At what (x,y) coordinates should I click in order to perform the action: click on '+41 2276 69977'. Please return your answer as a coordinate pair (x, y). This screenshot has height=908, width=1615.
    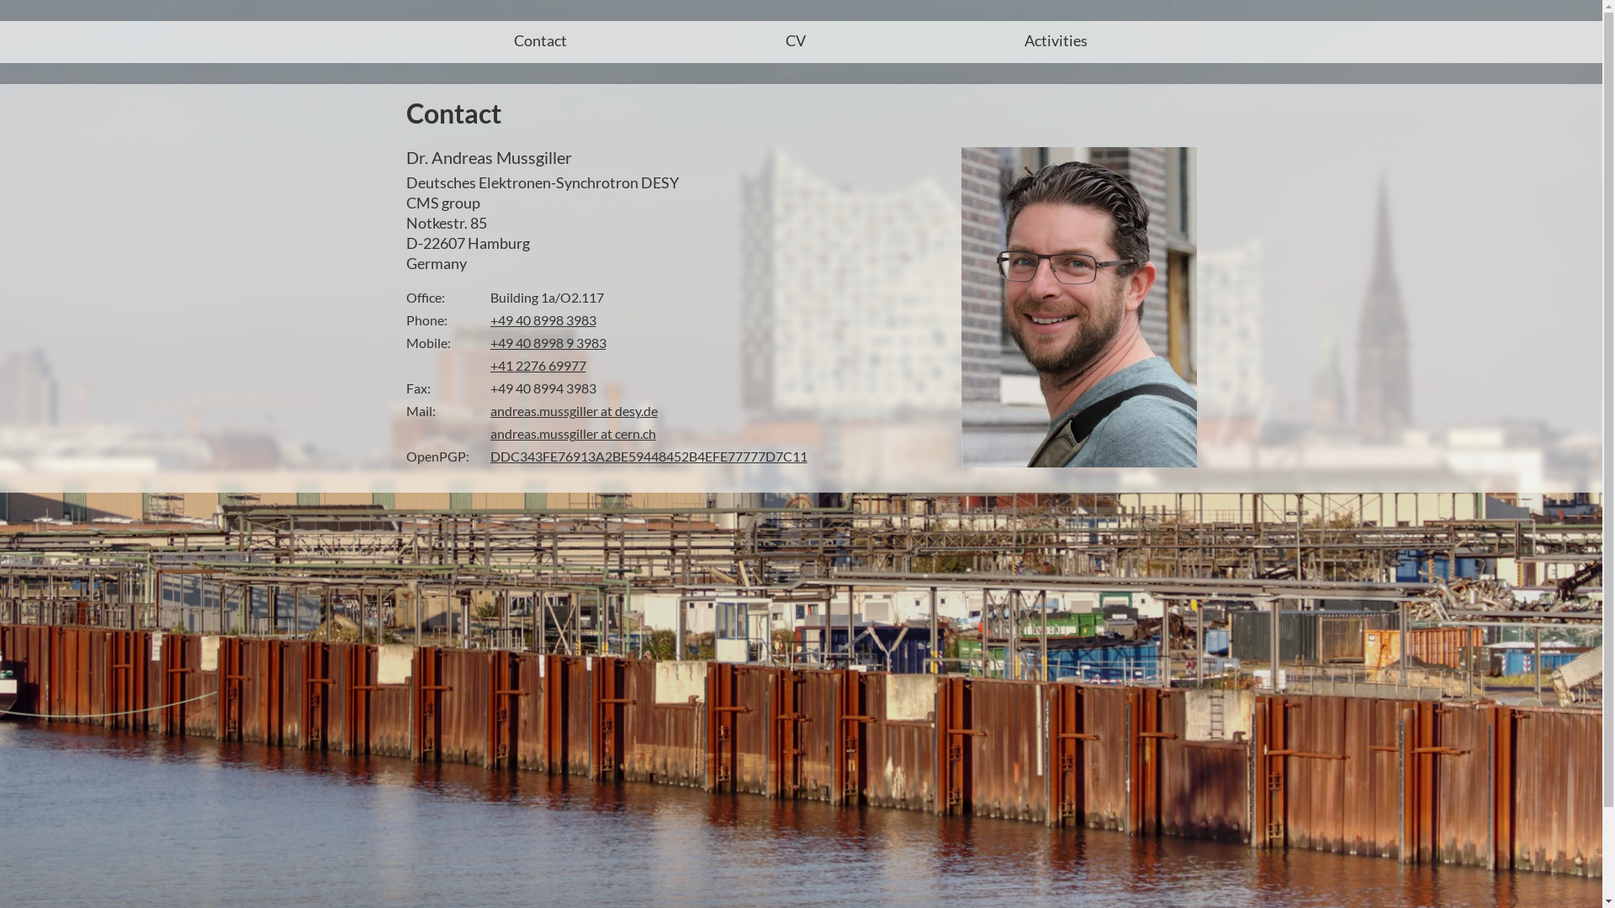
    Looking at the image, I should click on (536, 364).